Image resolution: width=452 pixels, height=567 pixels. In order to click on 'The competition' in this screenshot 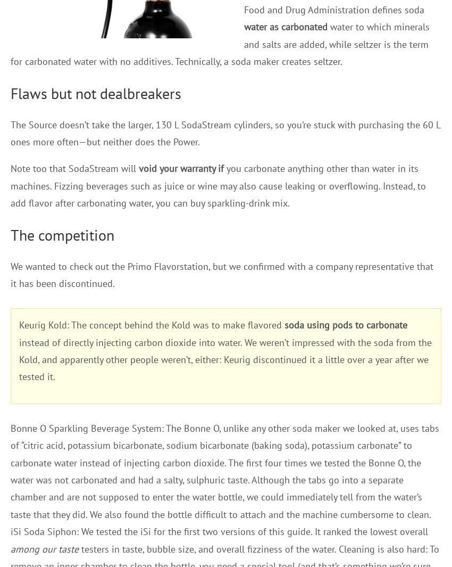, I will do `click(62, 234)`.